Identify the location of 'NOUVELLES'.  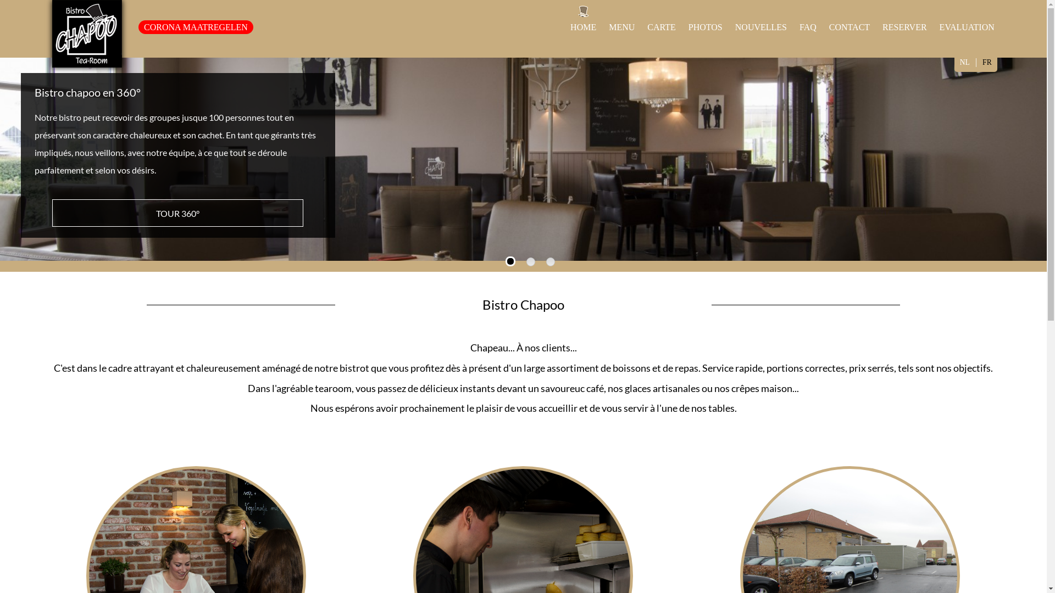
(760, 26).